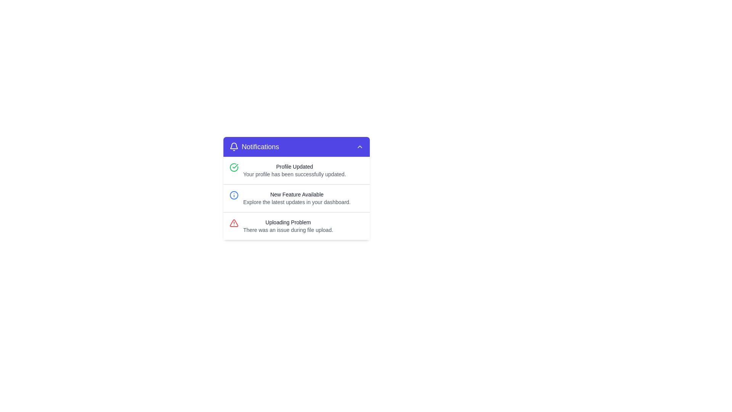  What do you see at coordinates (296, 170) in the screenshot?
I see `the first notification item in the notifications panel, which displays a green check icon and the text 'Profile Updated.'` at bounding box center [296, 170].